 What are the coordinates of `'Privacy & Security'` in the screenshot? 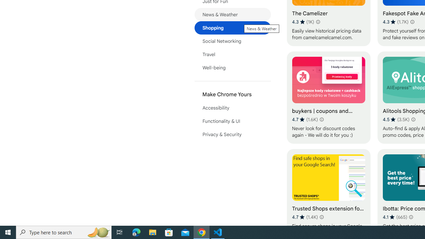 It's located at (232, 134).